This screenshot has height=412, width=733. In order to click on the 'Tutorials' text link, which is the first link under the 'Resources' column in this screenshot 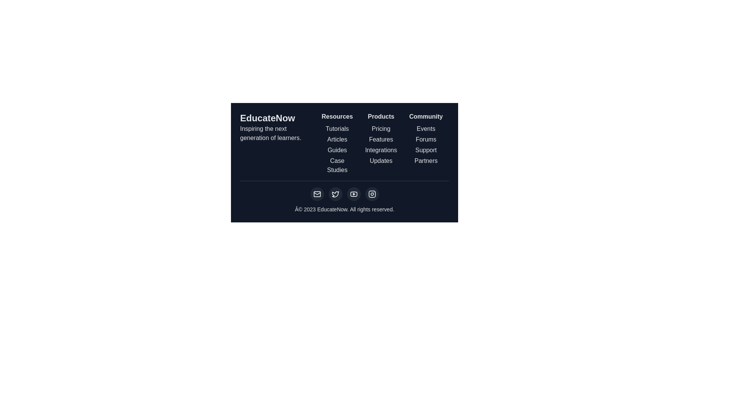, I will do `click(337, 129)`.